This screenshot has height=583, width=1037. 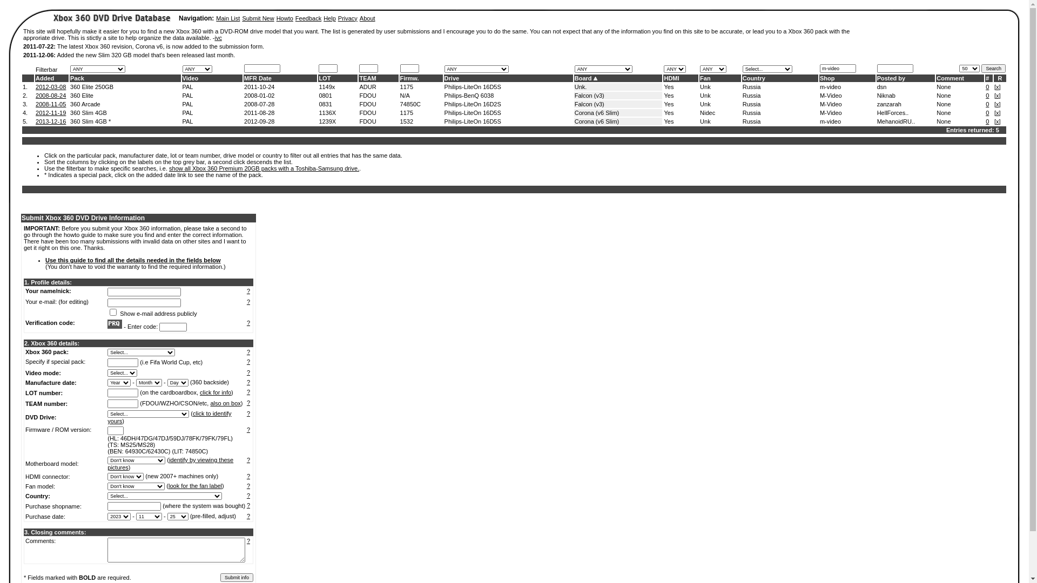 What do you see at coordinates (987, 95) in the screenshot?
I see `'0'` at bounding box center [987, 95].